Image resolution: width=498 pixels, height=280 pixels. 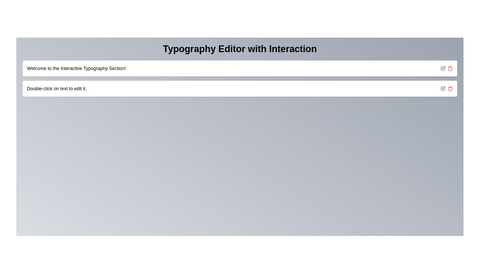 I want to click on the red, thin-lined trash can icon button, so click(x=450, y=88).